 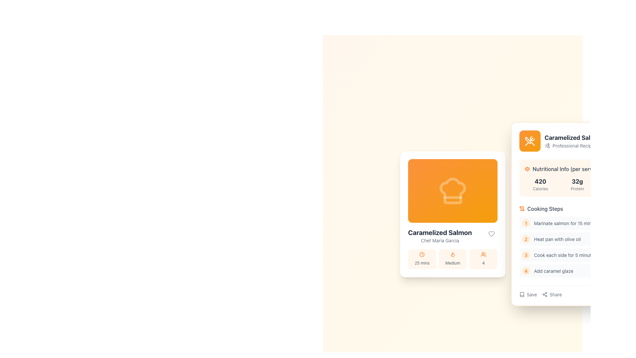 What do you see at coordinates (422, 254) in the screenshot?
I see `the decorative circular graphic at the center of the clock-themed icon, which is located on the left side of the detailed panel for the 'Caramelized Salmon' recipe` at bounding box center [422, 254].